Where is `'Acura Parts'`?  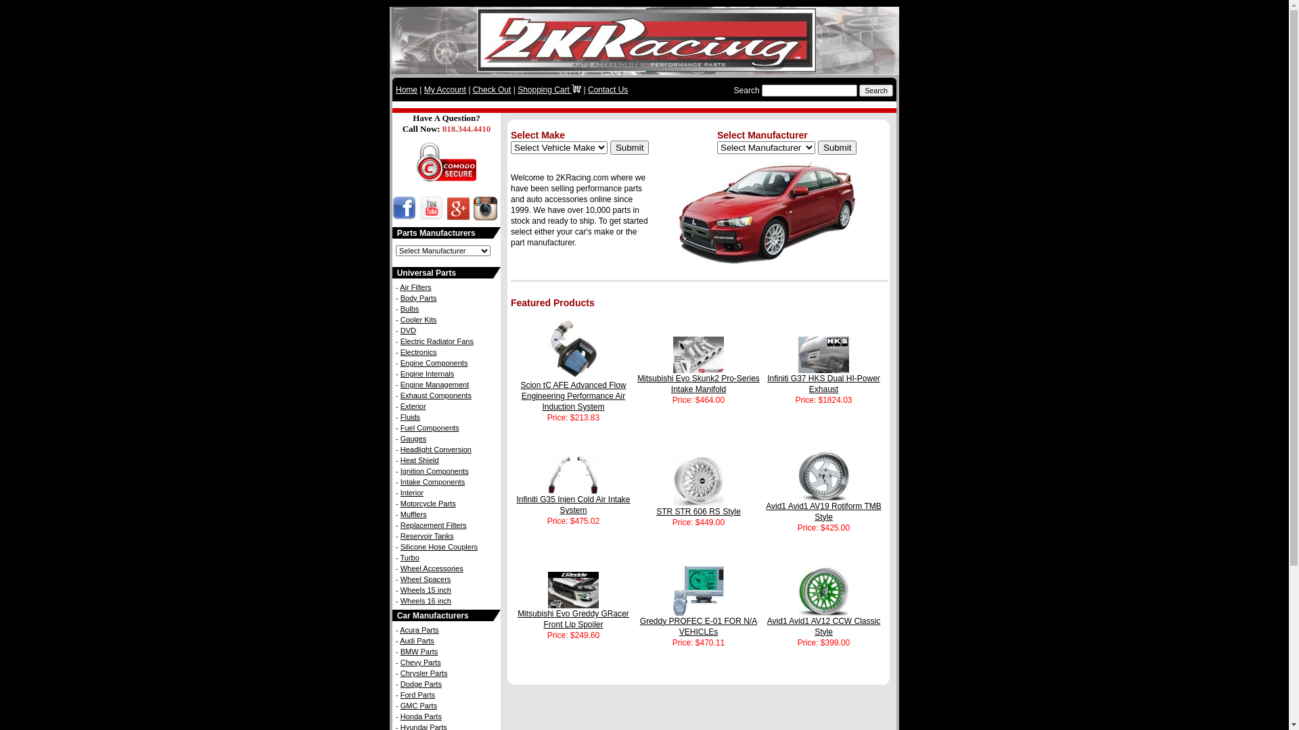 'Acura Parts' is located at coordinates (398, 630).